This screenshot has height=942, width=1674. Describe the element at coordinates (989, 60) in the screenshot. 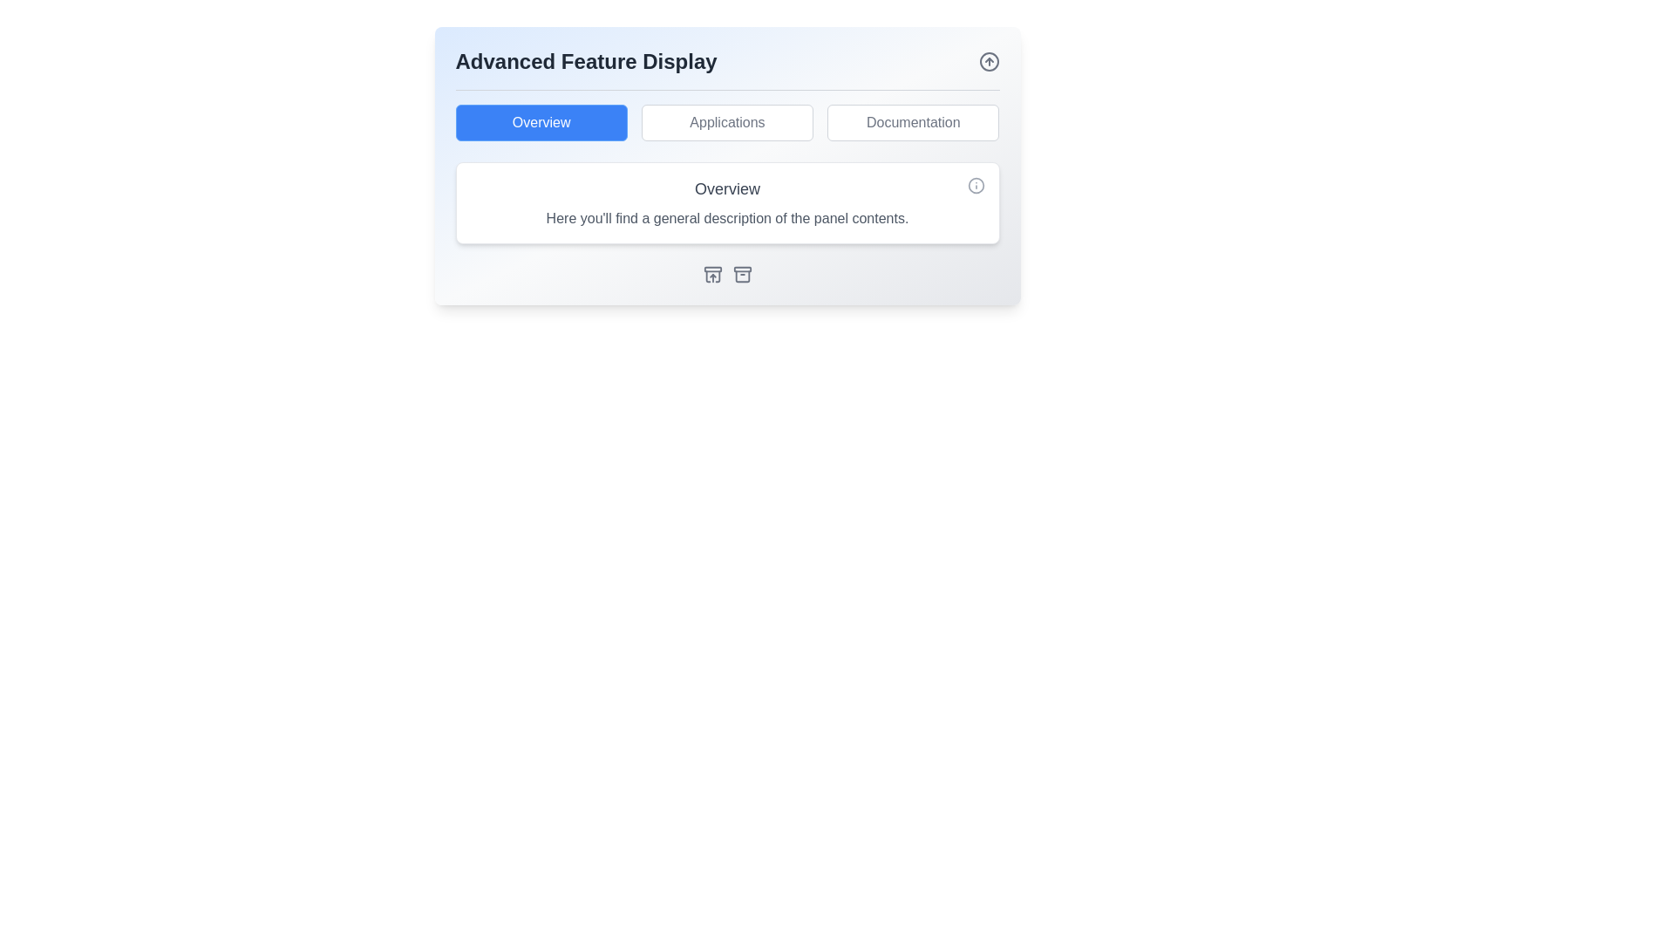

I see `the button with an embedded icon located to the far right of the 'Advanced Feature Display' header to observe the hover effect` at that location.